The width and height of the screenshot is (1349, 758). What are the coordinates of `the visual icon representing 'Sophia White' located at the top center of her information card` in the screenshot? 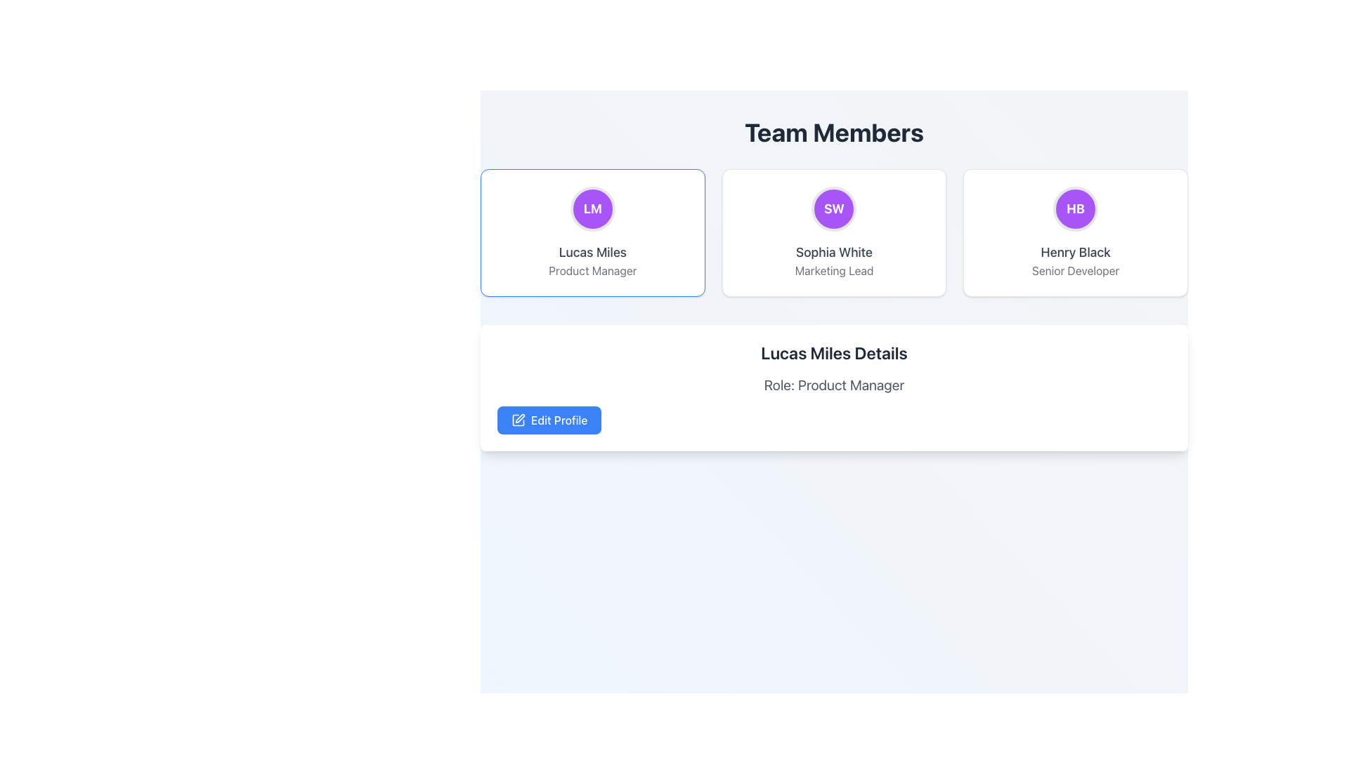 It's located at (834, 208).